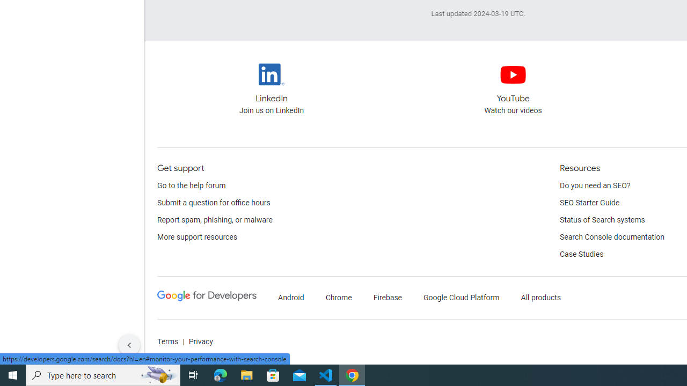 The height and width of the screenshot is (386, 687). What do you see at coordinates (612, 237) in the screenshot?
I see `'Search Console documentation'` at bounding box center [612, 237].